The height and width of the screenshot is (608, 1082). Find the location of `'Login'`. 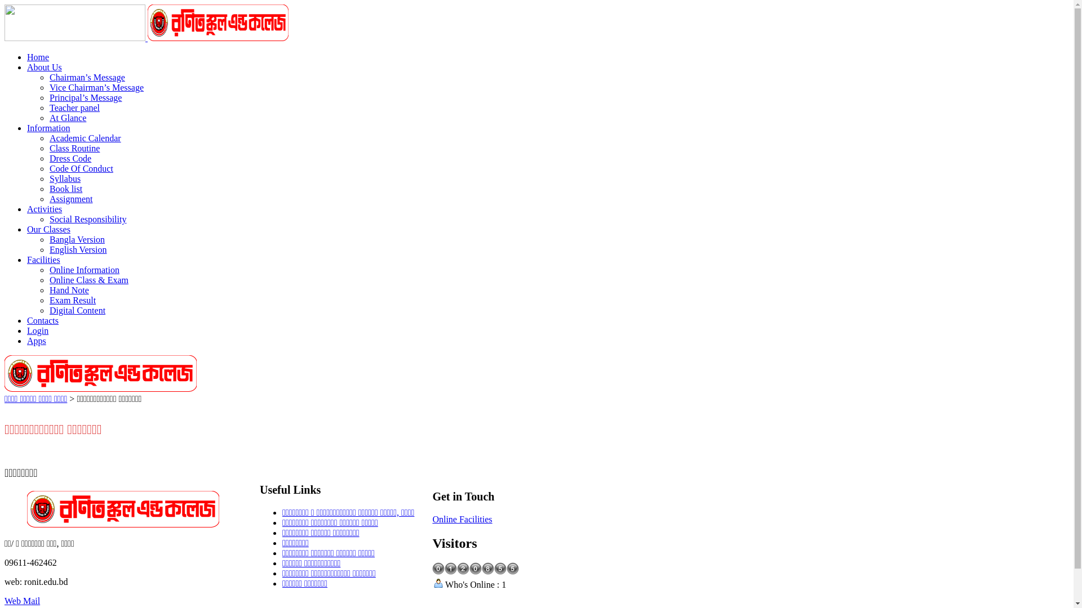

'Login' is located at coordinates (38, 330).